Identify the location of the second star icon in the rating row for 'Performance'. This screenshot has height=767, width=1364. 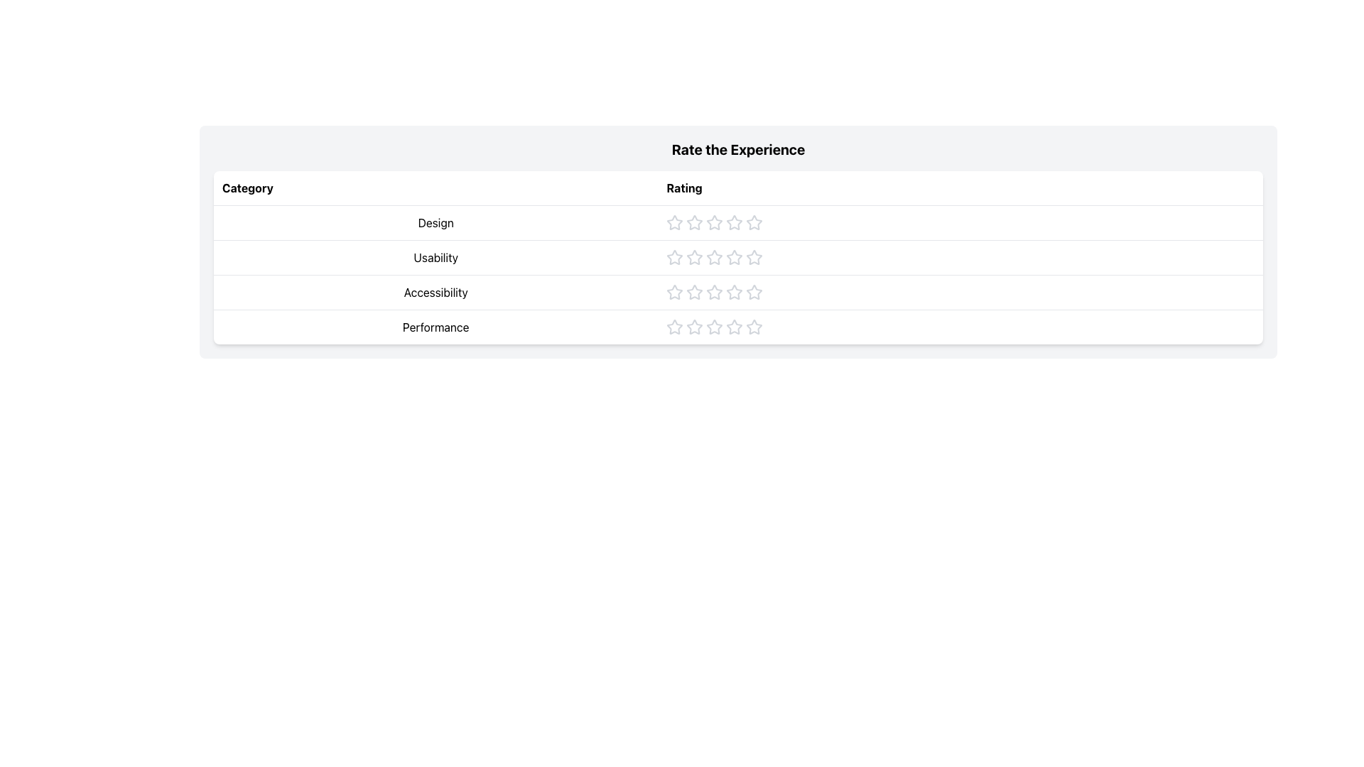
(695, 327).